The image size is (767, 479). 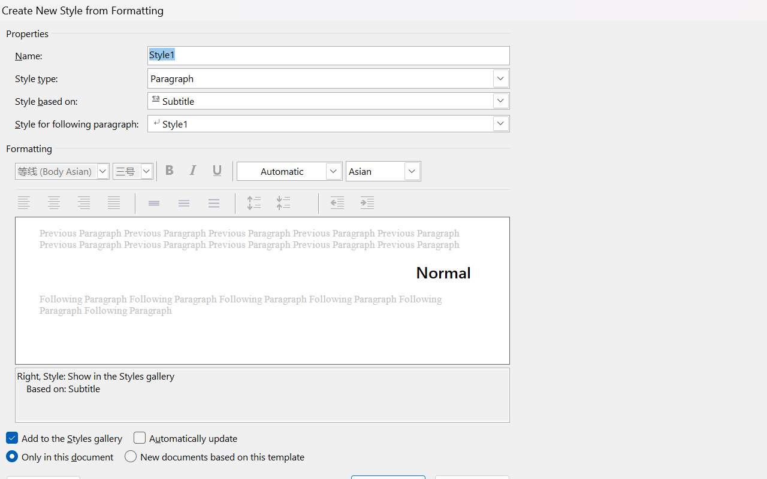 What do you see at coordinates (328, 55) in the screenshot?
I see `'Name:'` at bounding box center [328, 55].